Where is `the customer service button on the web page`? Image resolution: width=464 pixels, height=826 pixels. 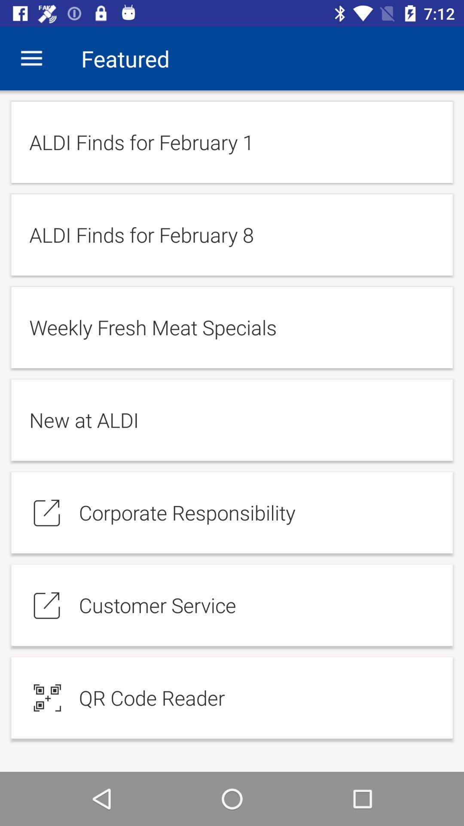
the customer service button on the web page is located at coordinates (232, 605).